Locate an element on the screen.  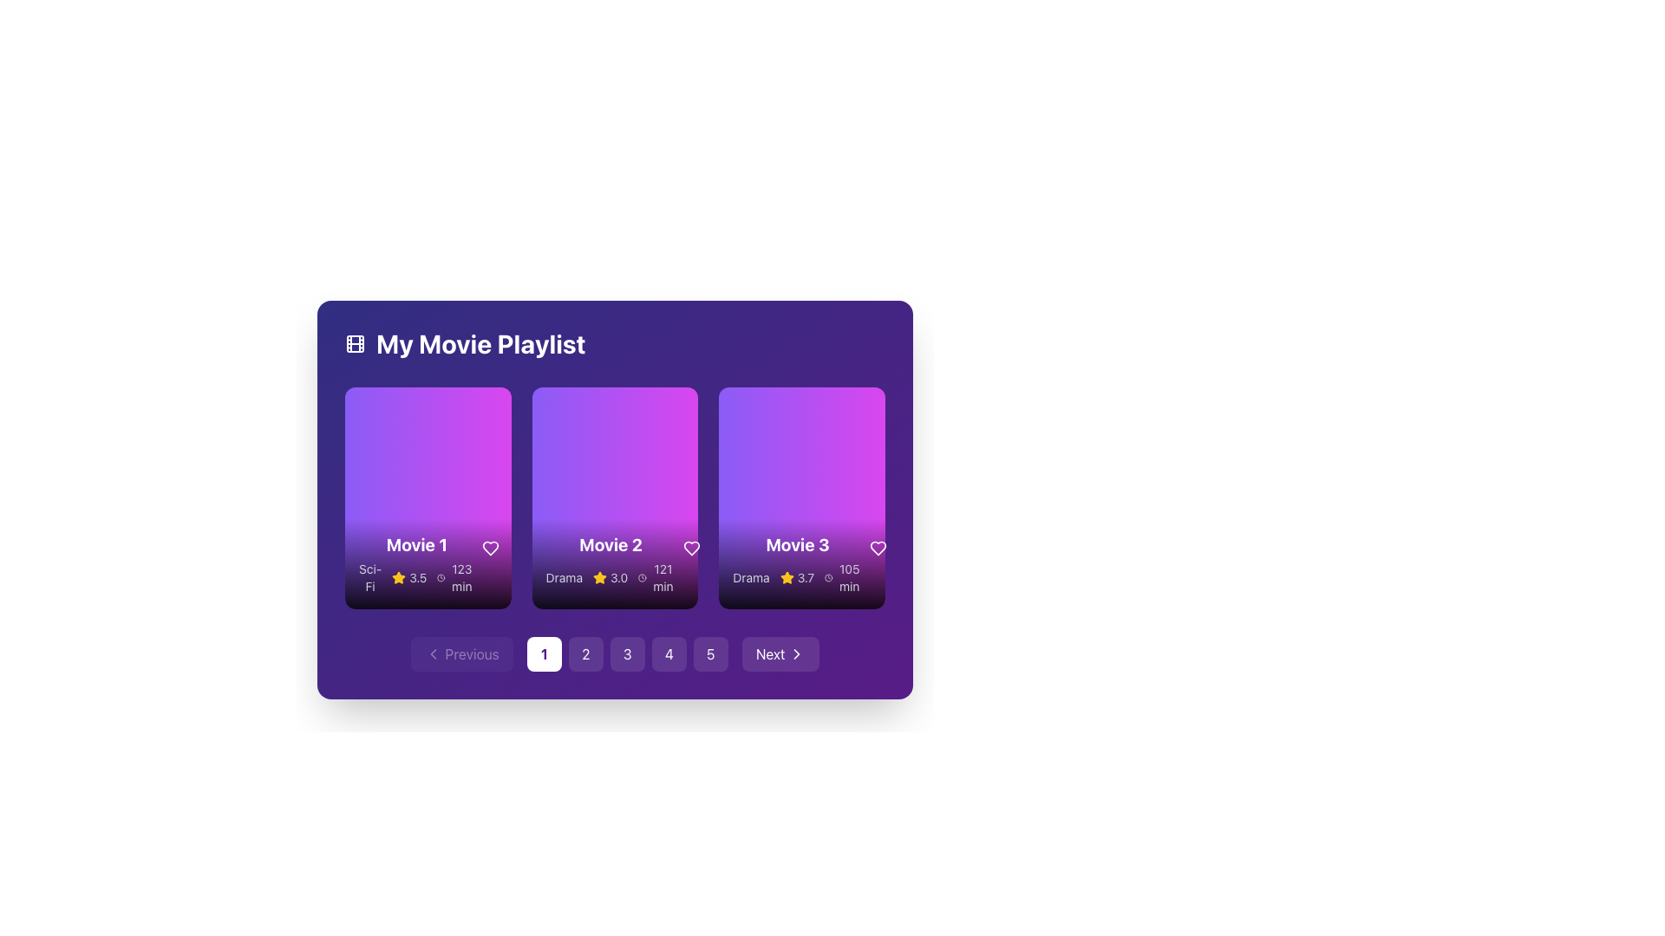
the chevron icon located in the 'Next' button at the bottom right corner of the interface, which is used to navigate to the next set of items in a carousel or paginated list is located at coordinates (796, 654).